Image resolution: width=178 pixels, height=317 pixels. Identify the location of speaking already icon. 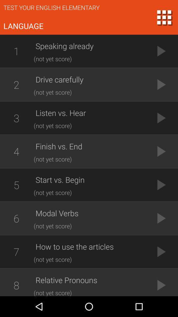
(90, 46).